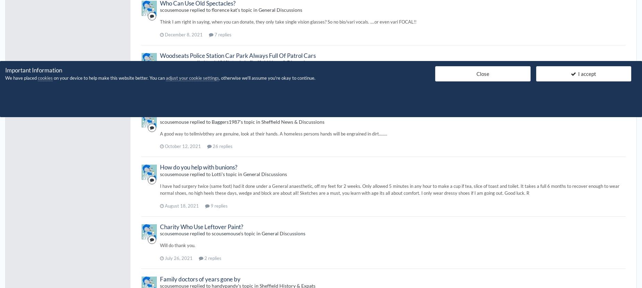 This screenshot has height=288, width=642. I want to click on '9 replies', so click(218, 206).